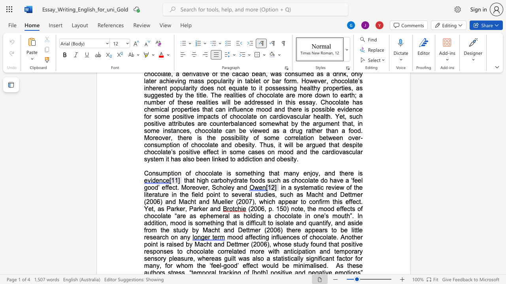 The height and width of the screenshot is (284, 506). What do you see at coordinates (311, 173) in the screenshot?
I see `the 1th character "j" in the text` at bounding box center [311, 173].